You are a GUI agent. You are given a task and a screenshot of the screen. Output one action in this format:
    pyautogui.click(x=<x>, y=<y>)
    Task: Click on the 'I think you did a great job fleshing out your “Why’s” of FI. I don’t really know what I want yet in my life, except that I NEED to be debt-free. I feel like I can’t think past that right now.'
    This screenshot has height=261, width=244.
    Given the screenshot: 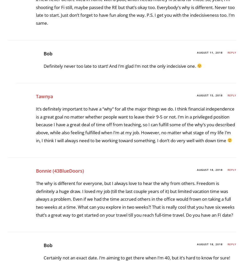 What is the action you would take?
    pyautogui.click(x=136, y=47)
    